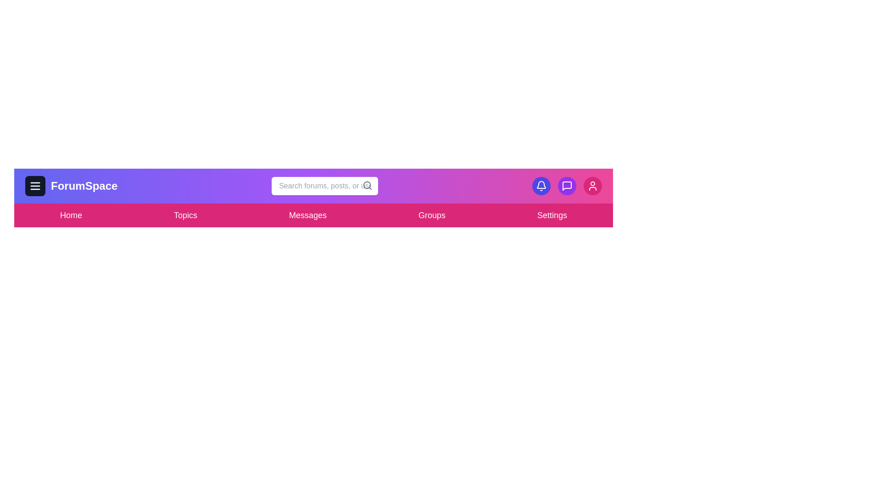 Image resolution: width=881 pixels, height=495 pixels. I want to click on the user icon button to view the user profile, so click(592, 186).